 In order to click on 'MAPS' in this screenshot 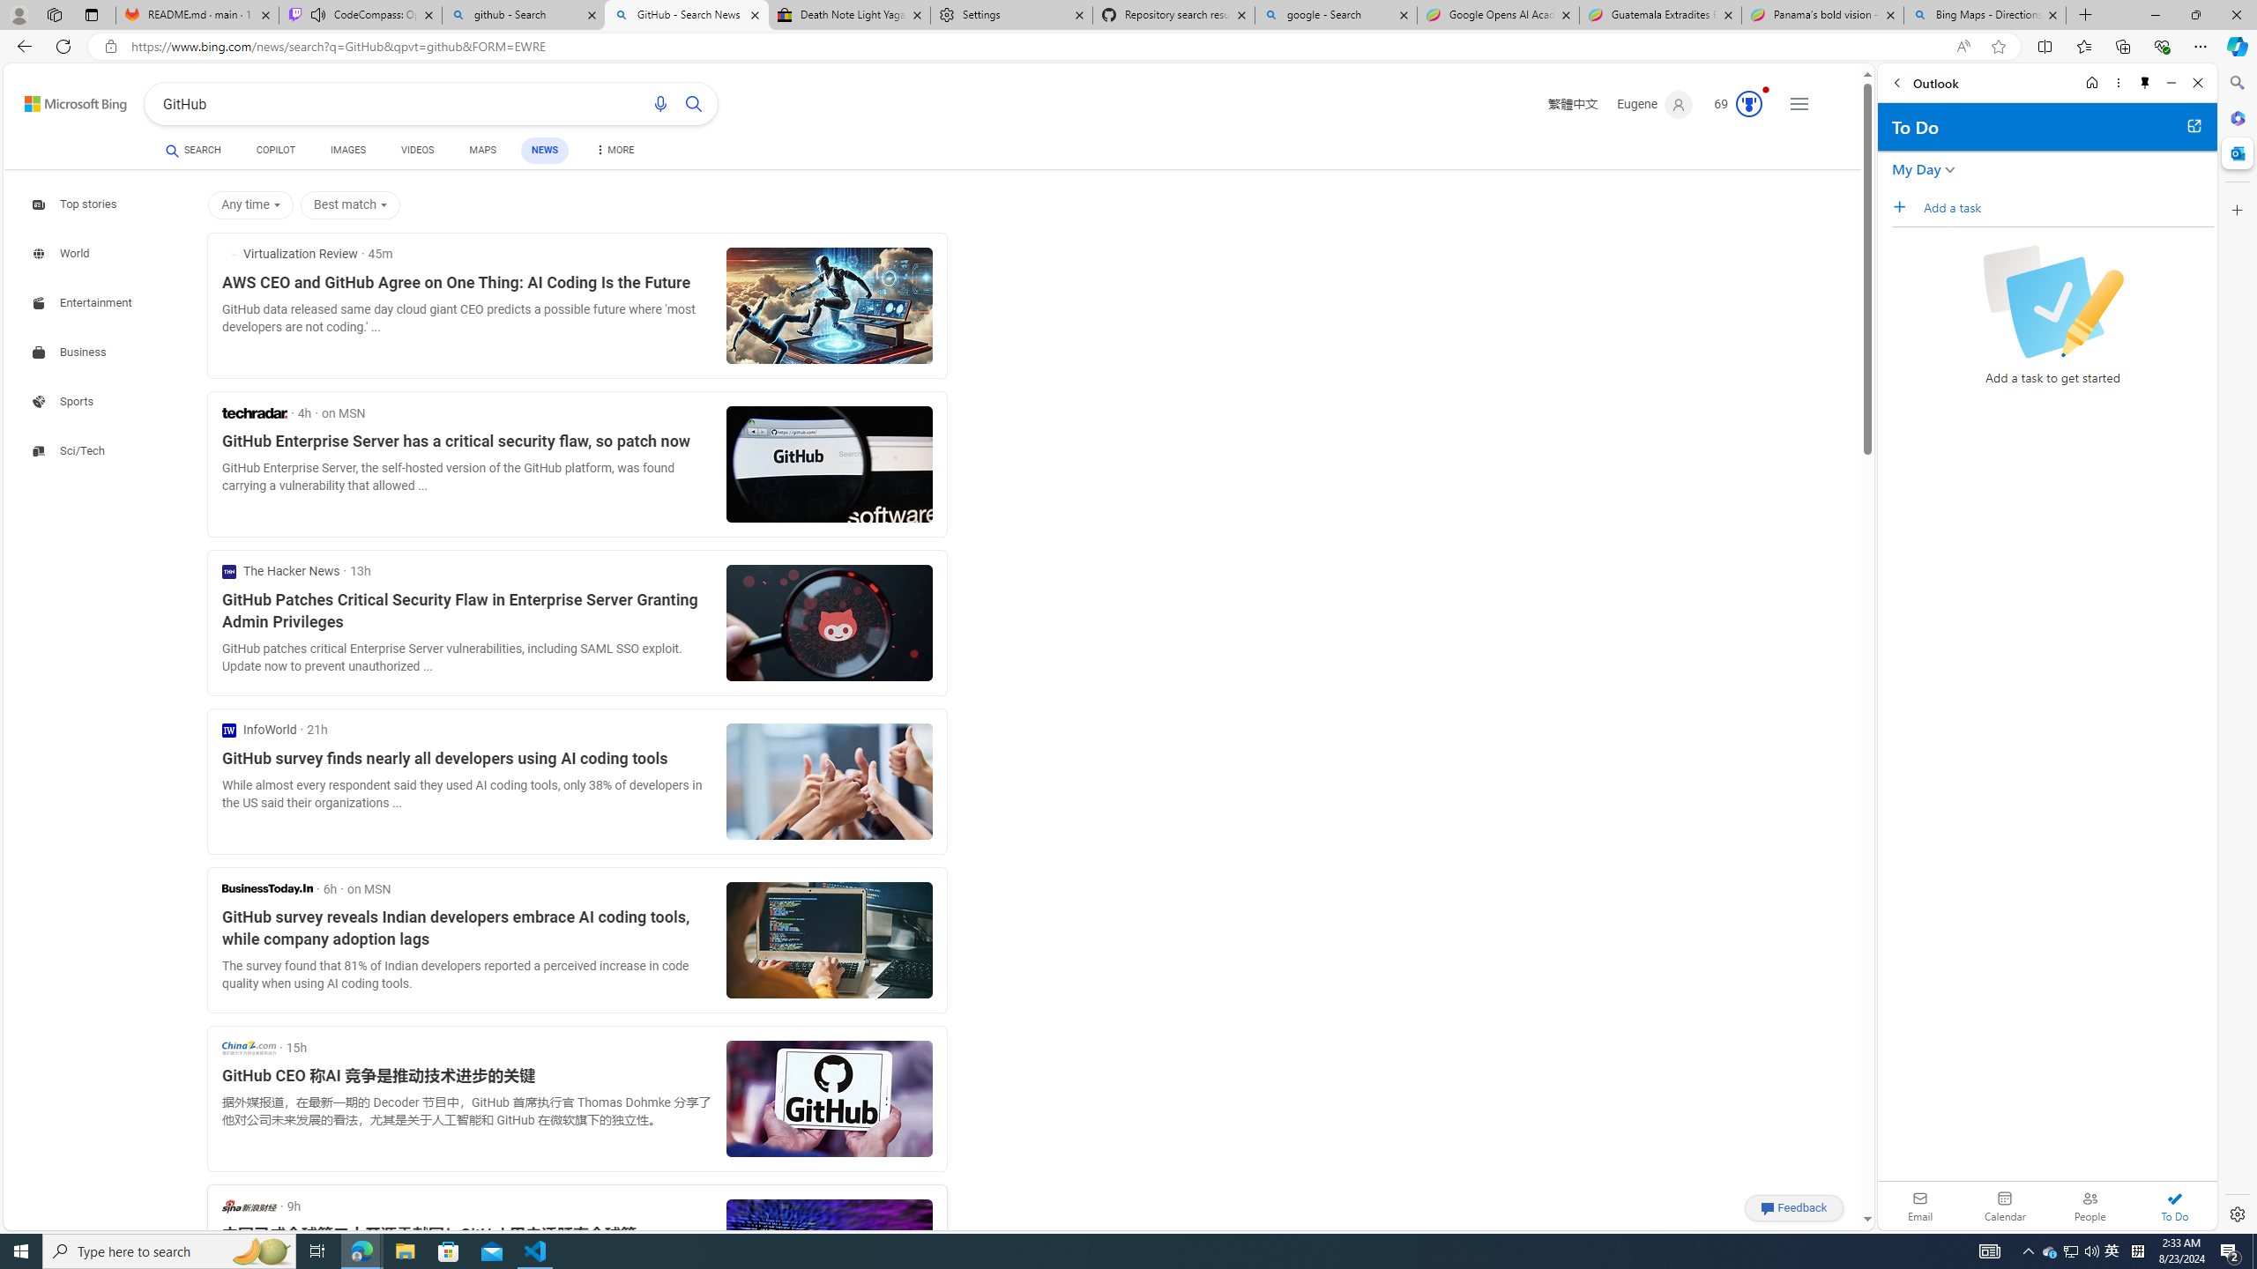, I will do `click(481, 152)`.